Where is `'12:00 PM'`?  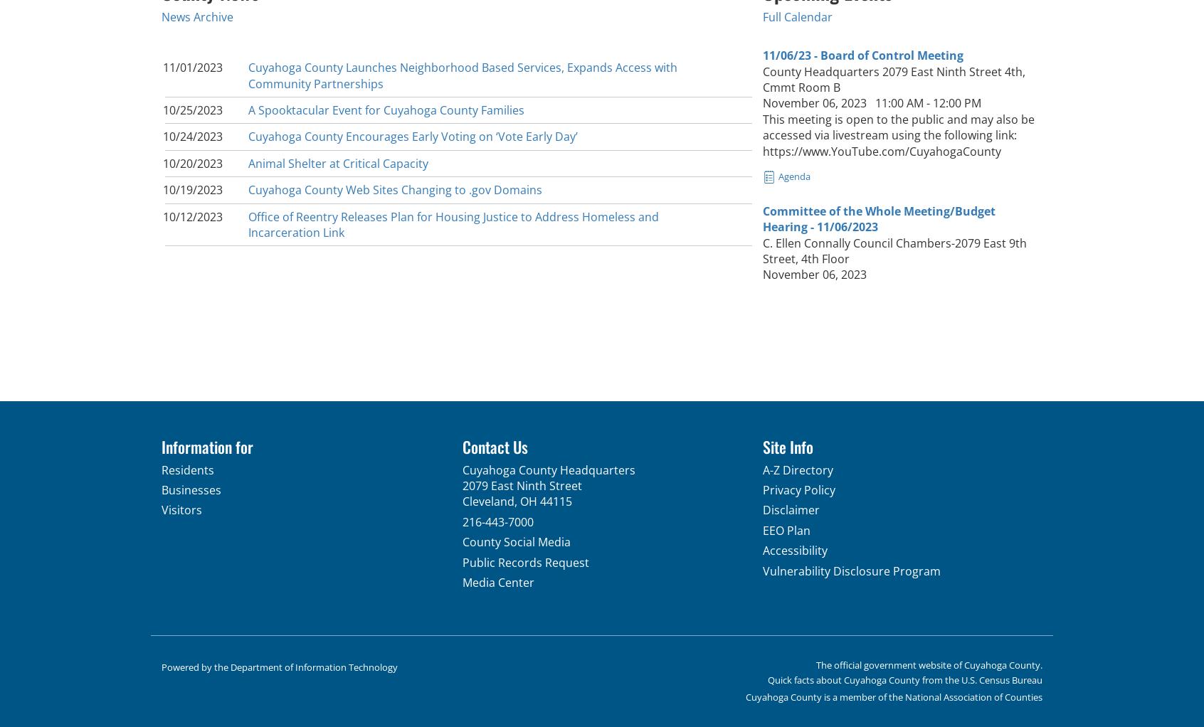 '12:00 PM' is located at coordinates (956, 103).